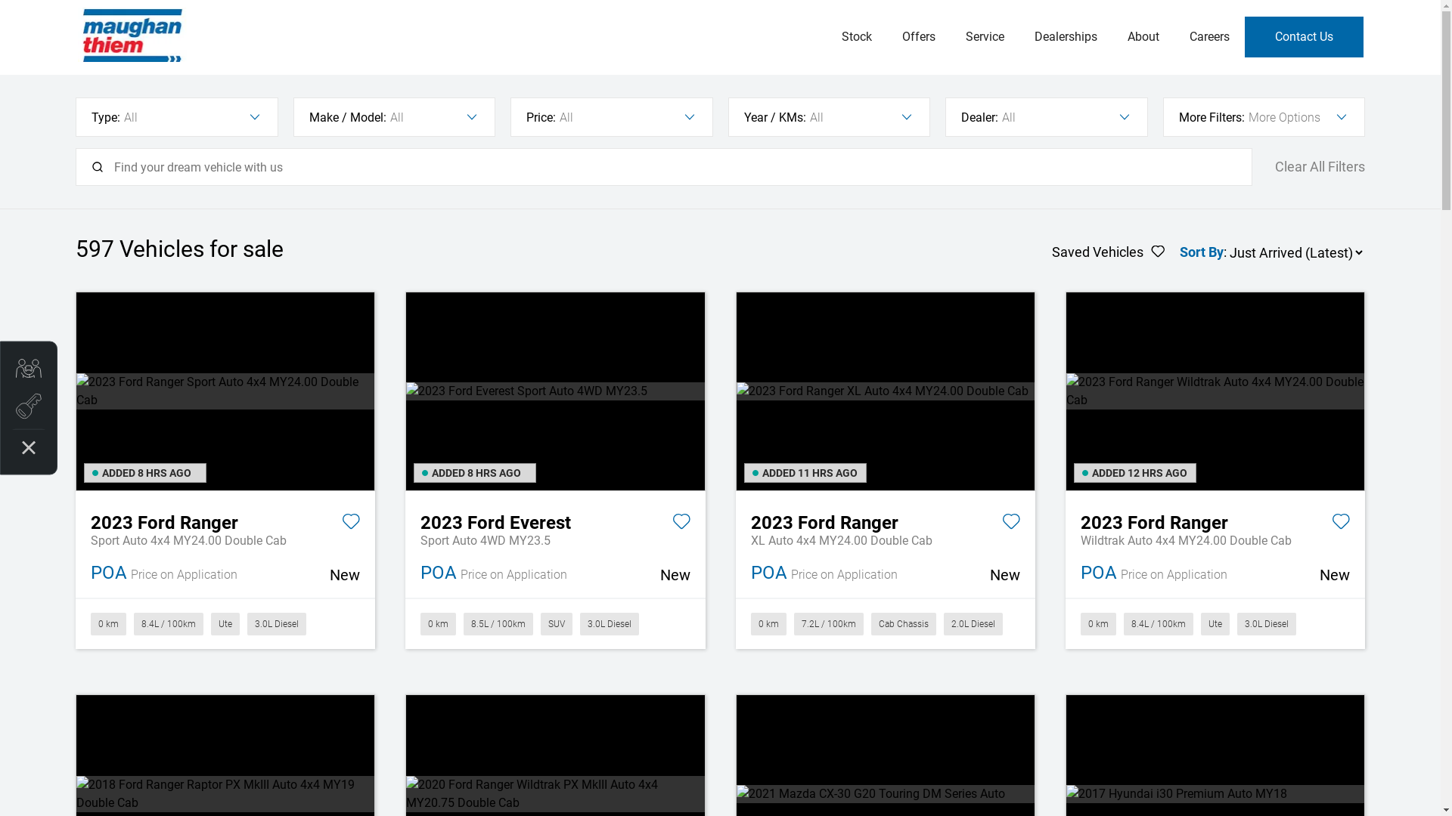  Describe the element at coordinates (856, 36) in the screenshot. I see `'Stock'` at that location.